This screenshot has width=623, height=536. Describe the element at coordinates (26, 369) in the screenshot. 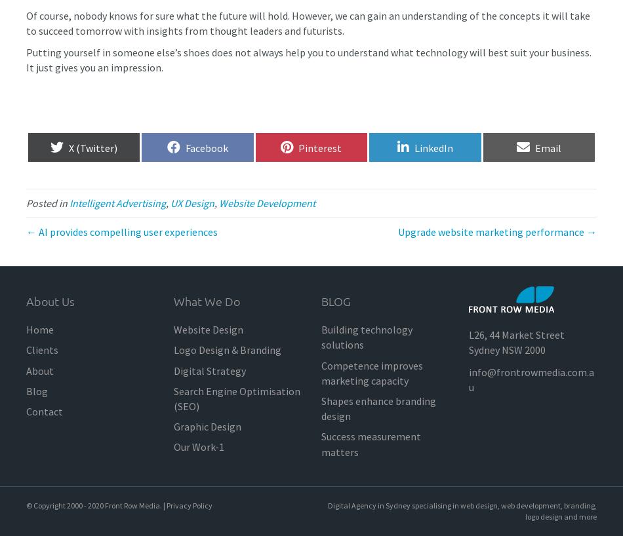

I see `'About'` at that location.